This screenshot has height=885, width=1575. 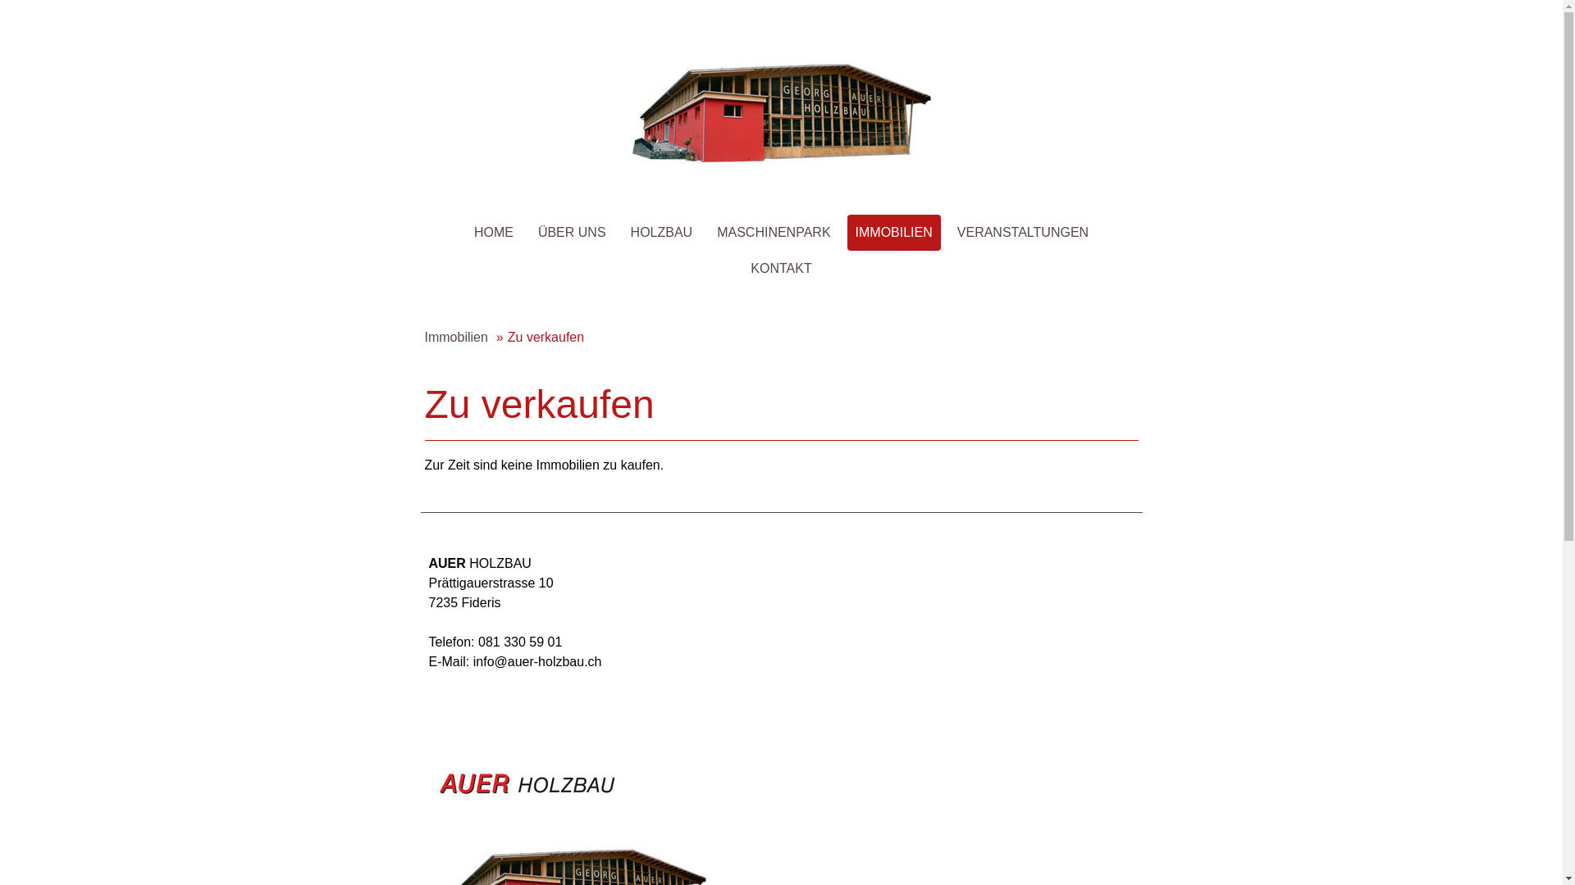 What do you see at coordinates (661, 233) in the screenshot?
I see `'HOLZBAU'` at bounding box center [661, 233].